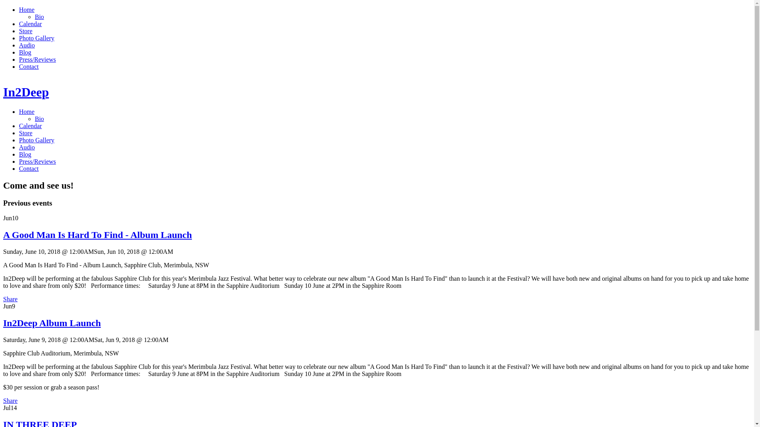 This screenshot has width=760, height=427. I want to click on 'Store', so click(26, 132).